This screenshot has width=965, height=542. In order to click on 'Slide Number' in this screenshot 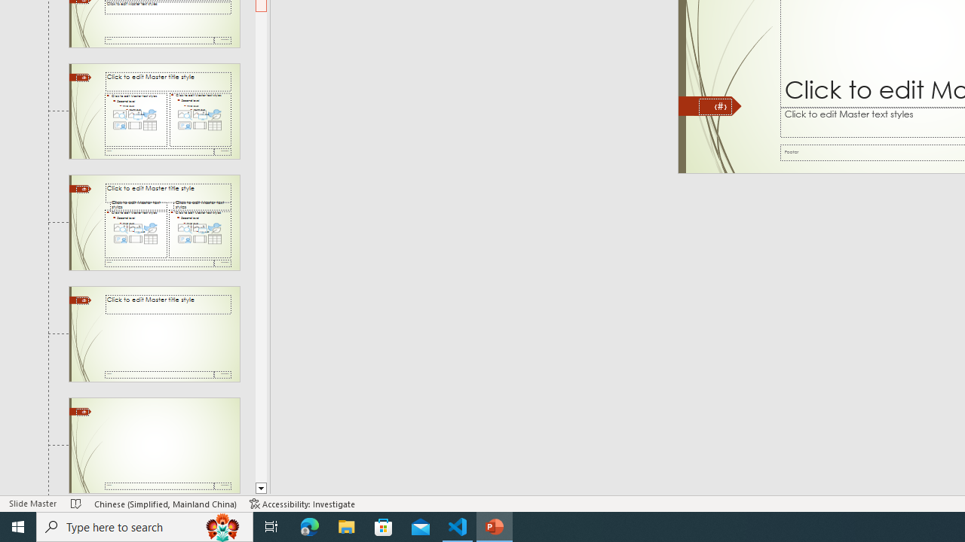, I will do `click(715, 105)`.